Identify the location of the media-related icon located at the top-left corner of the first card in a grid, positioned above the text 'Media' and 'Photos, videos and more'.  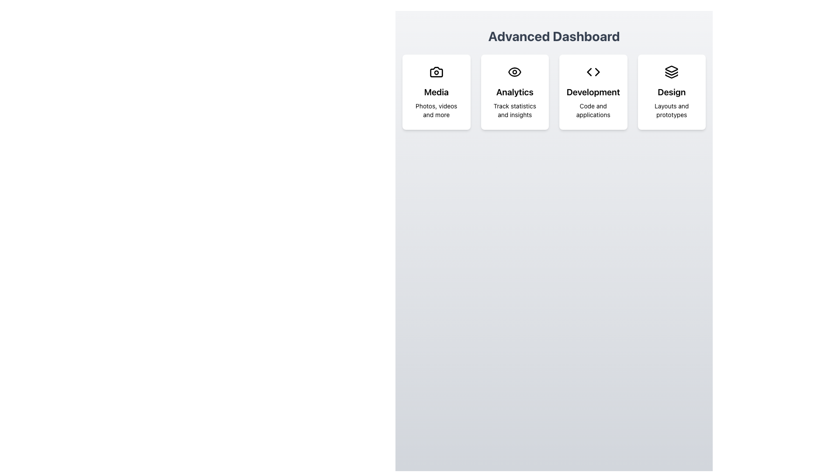
(436, 72).